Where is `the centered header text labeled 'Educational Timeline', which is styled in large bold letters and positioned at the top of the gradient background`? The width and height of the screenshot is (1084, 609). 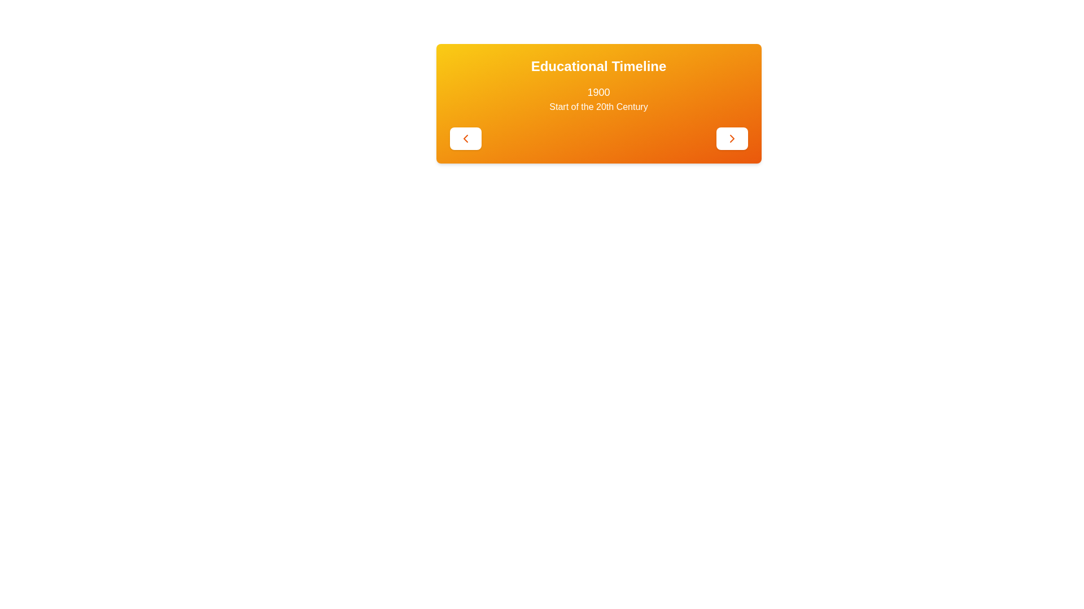
the centered header text labeled 'Educational Timeline', which is styled in large bold letters and positioned at the top of the gradient background is located at coordinates (598, 67).